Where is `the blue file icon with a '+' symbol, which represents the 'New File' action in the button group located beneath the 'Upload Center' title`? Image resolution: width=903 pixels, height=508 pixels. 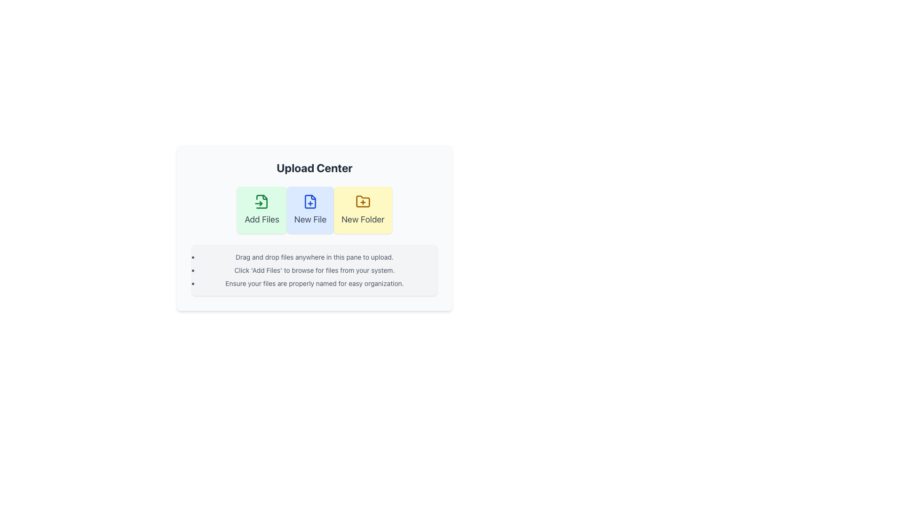
the blue file icon with a '+' symbol, which represents the 'New File' action in the button group located beneath the 'Upload Center' title is located at coordinates (310, 201).